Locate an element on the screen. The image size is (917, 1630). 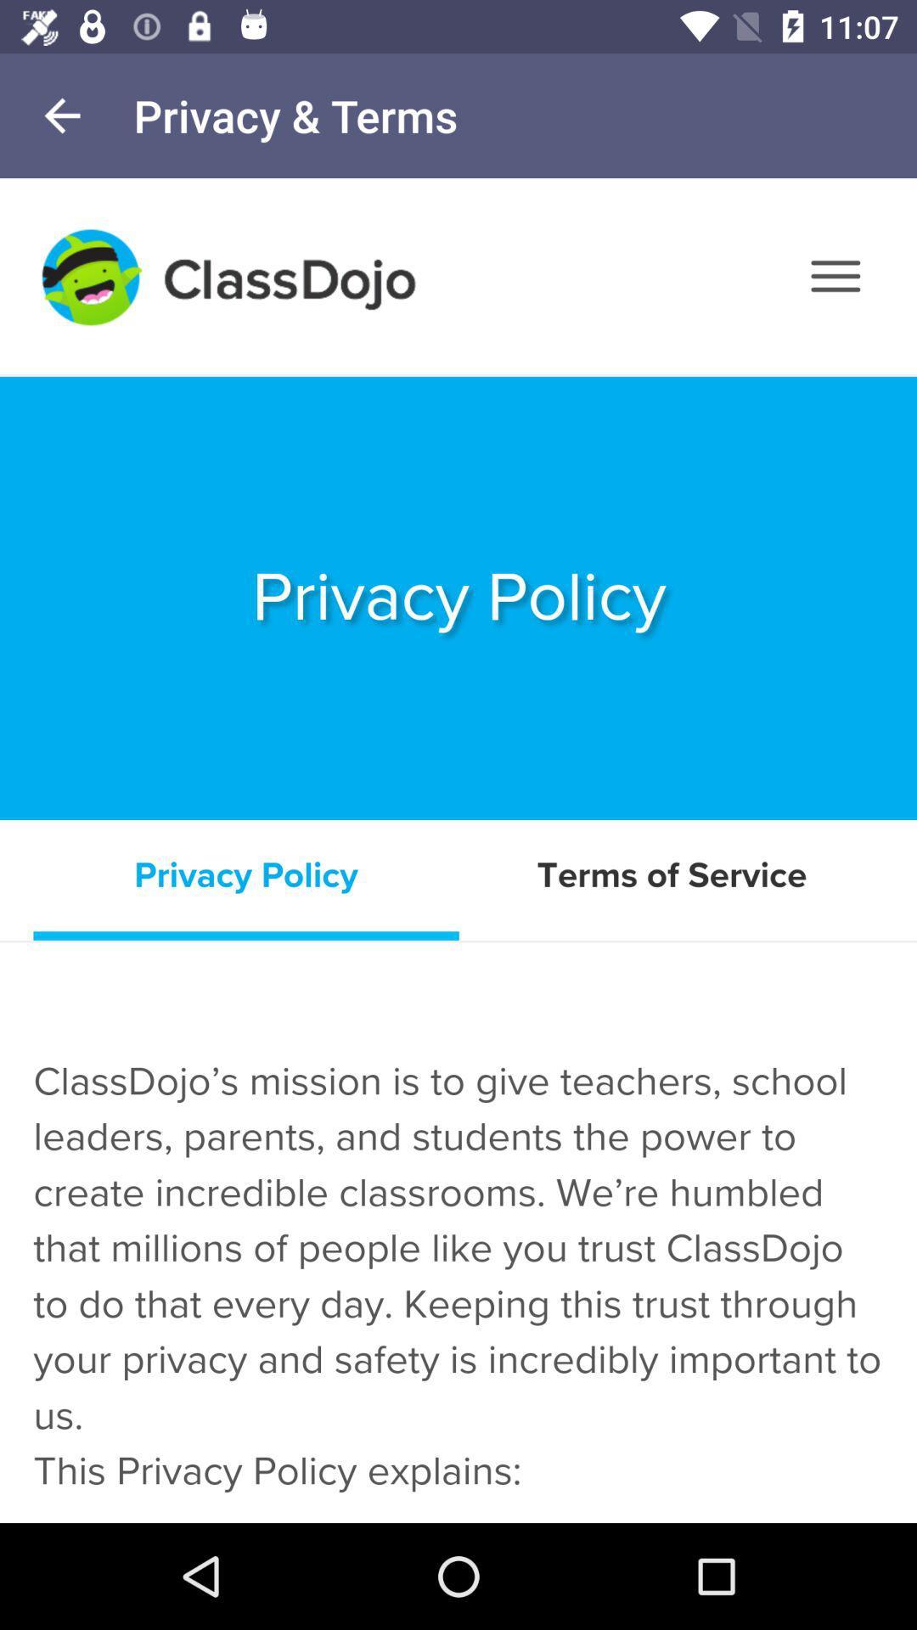
full page with multiple elements is located at coordinates (458, 851).